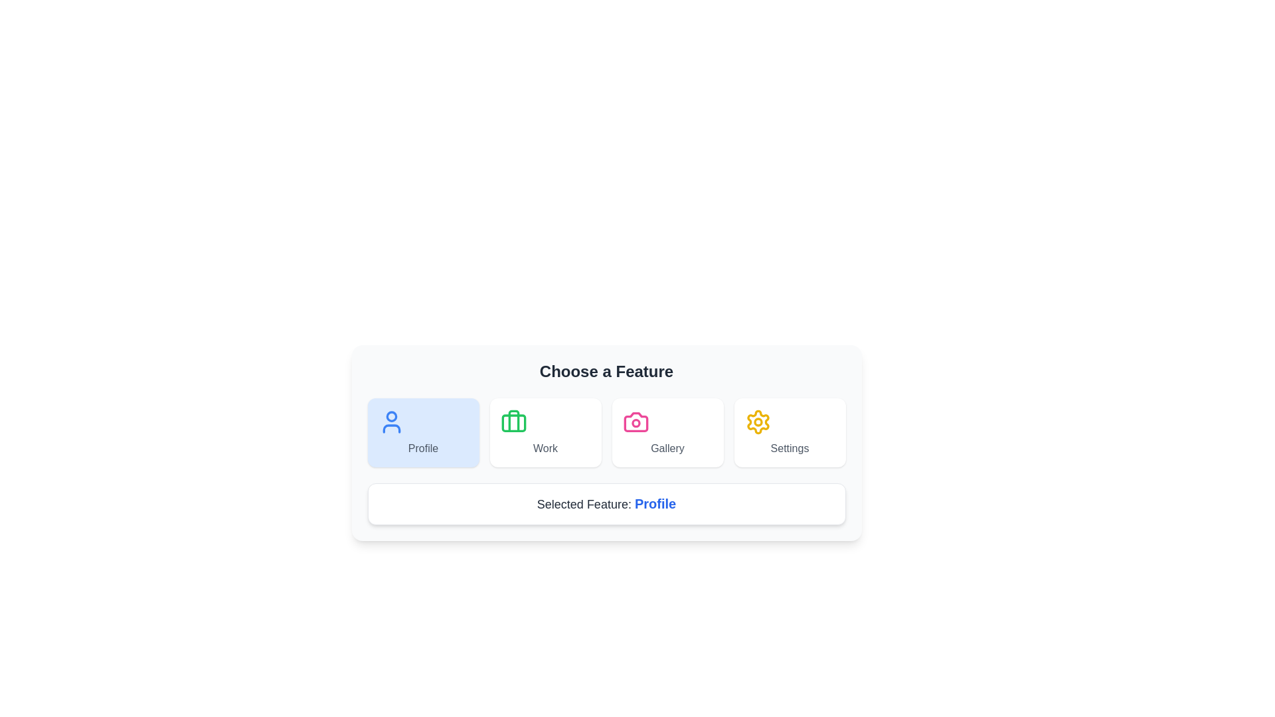 This screenshot has height=717, width=1275. What do you see at coordinates (606, 443) in the screenshot?
I see `selected feature information displayed at the bottom of the Interactive feature card that allows users to select between 'Profile', 'Work', 'Gallery', or 'Settings'` at bounding box center [606, 443].